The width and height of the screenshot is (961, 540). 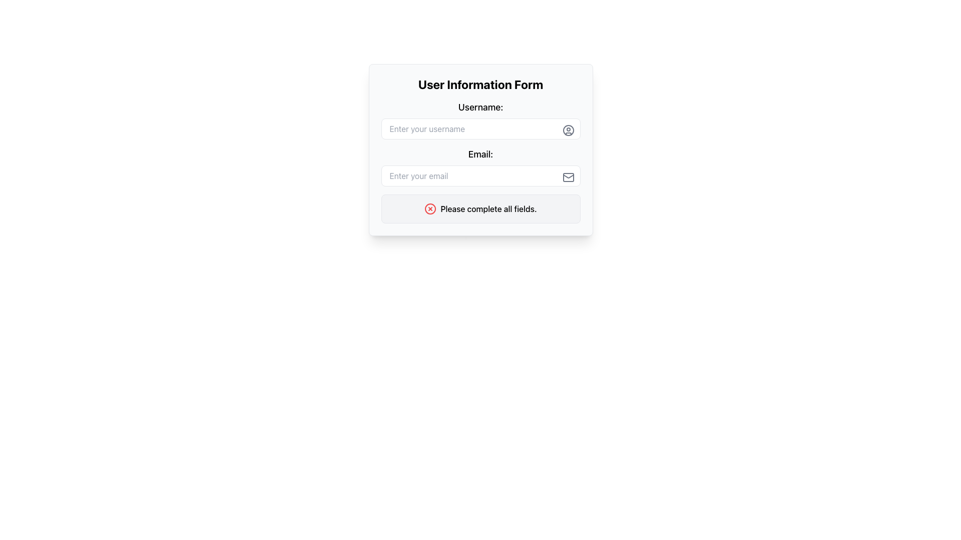 What do you see at coordinates (568, 176) in the screenshot?
I see `the small gray envelope icon located at the far right end of the email input field` at bounding box center [568, 176].